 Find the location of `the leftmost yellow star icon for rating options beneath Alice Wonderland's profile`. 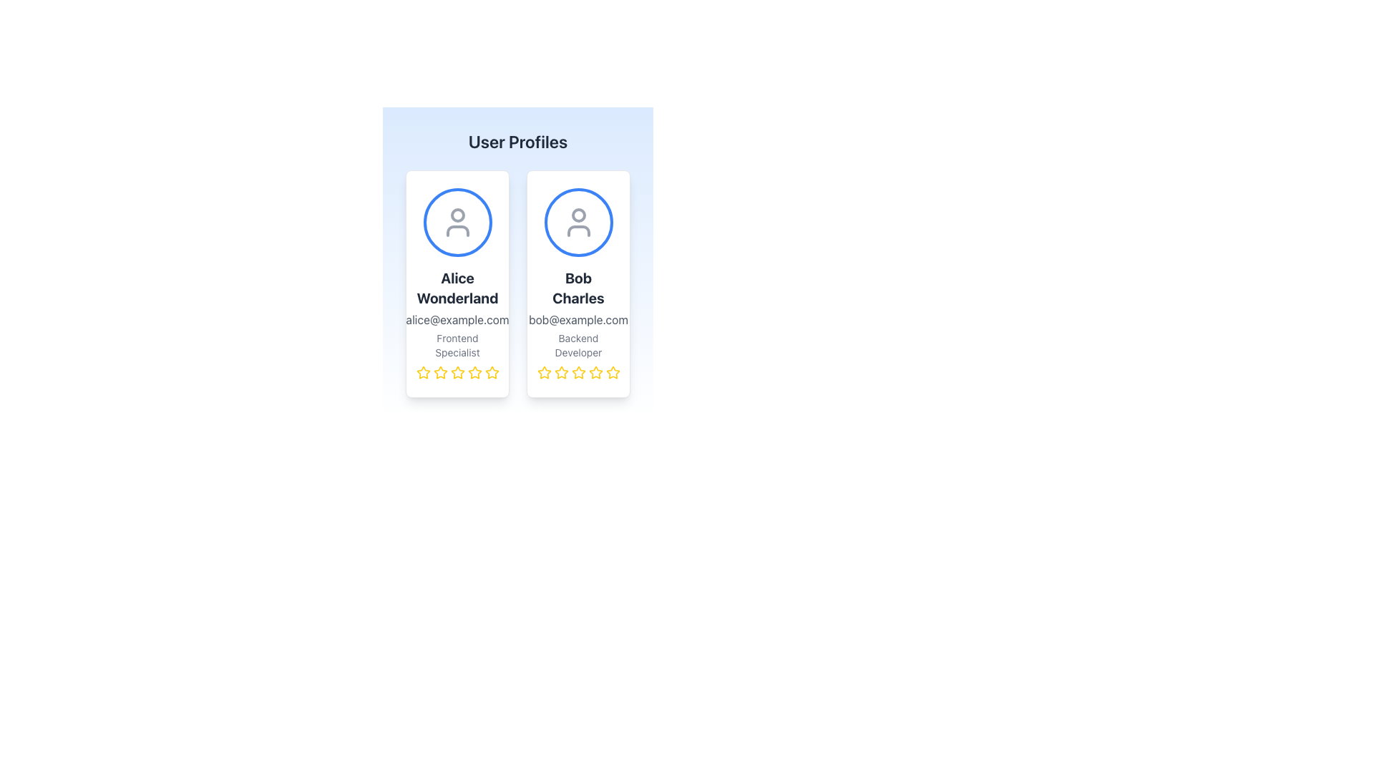

the leftmost yellow star icon for rating options beneath Alice Wonderland's profile is located at coordinates (439, 371).